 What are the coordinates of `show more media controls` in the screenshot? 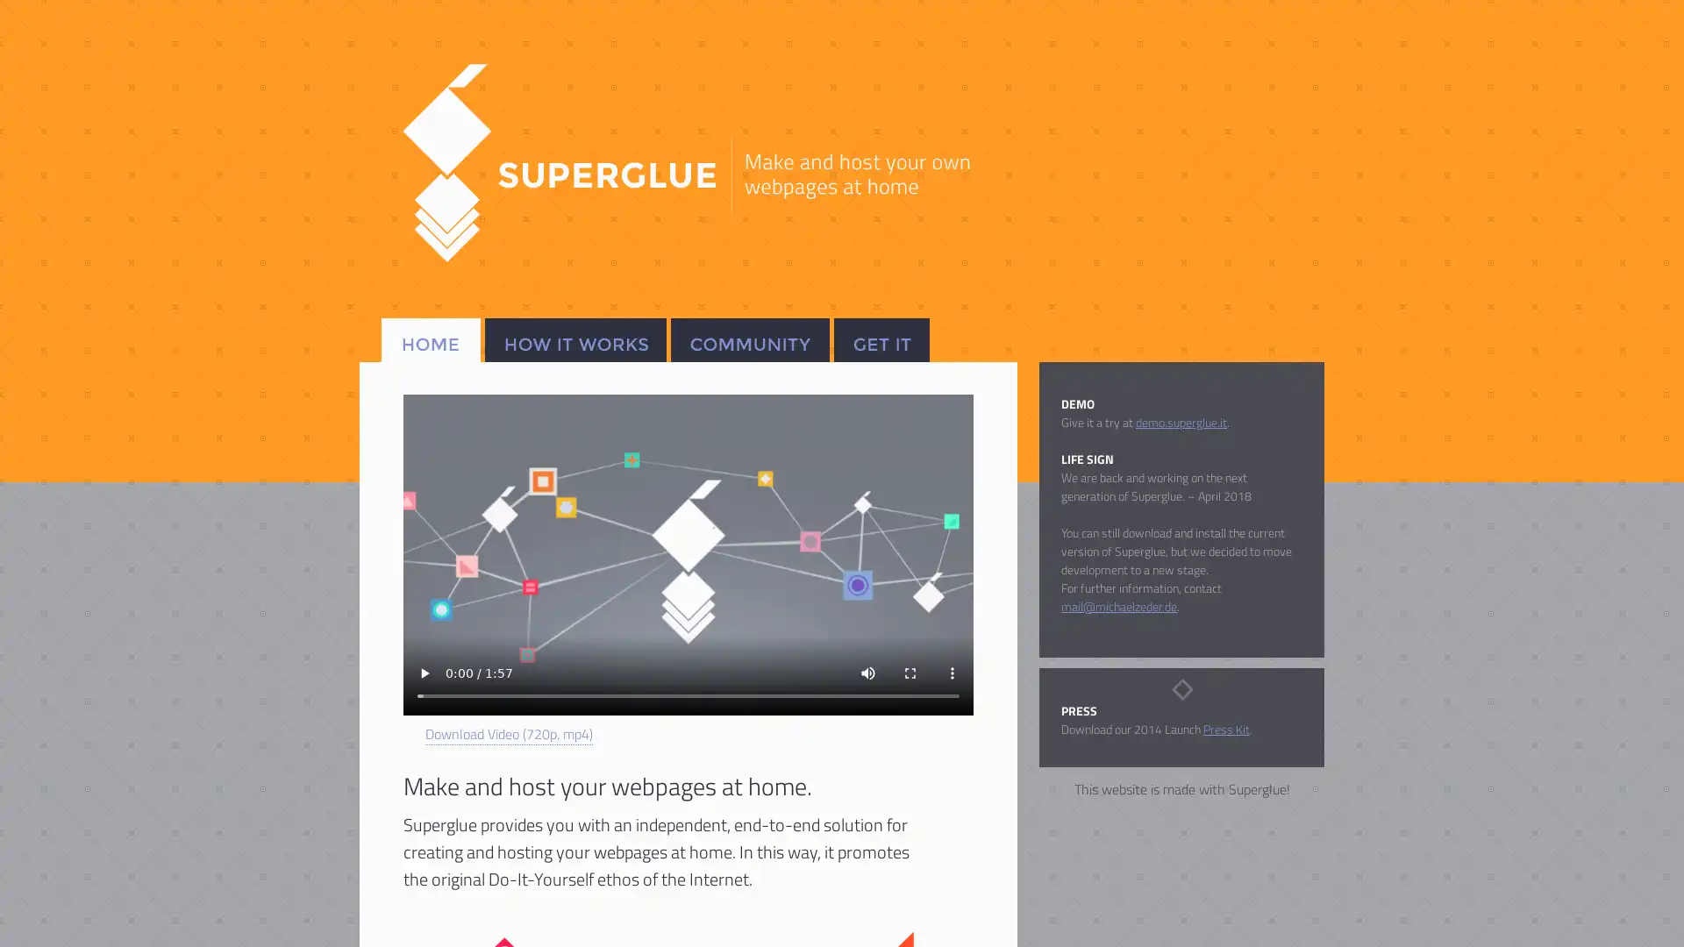 It's located at (951, 672).